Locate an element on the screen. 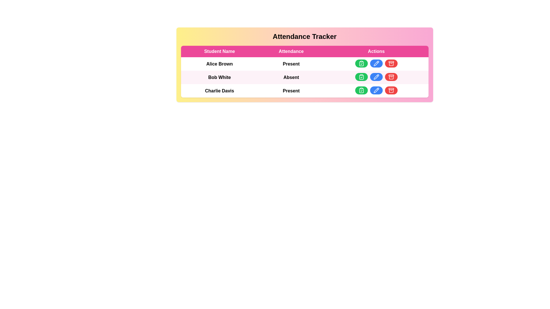  'archive record' button for the student with name Bob White is located at coordinates (391, 77).